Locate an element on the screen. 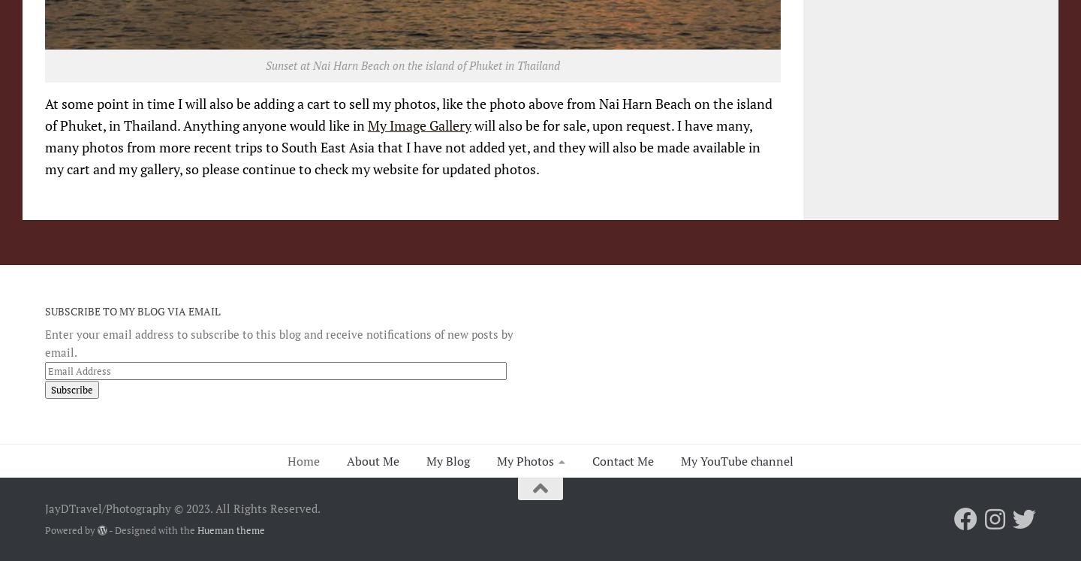 The image size is (1081, 561). 'My Image Gallery' is located at coordinates (420, 125).